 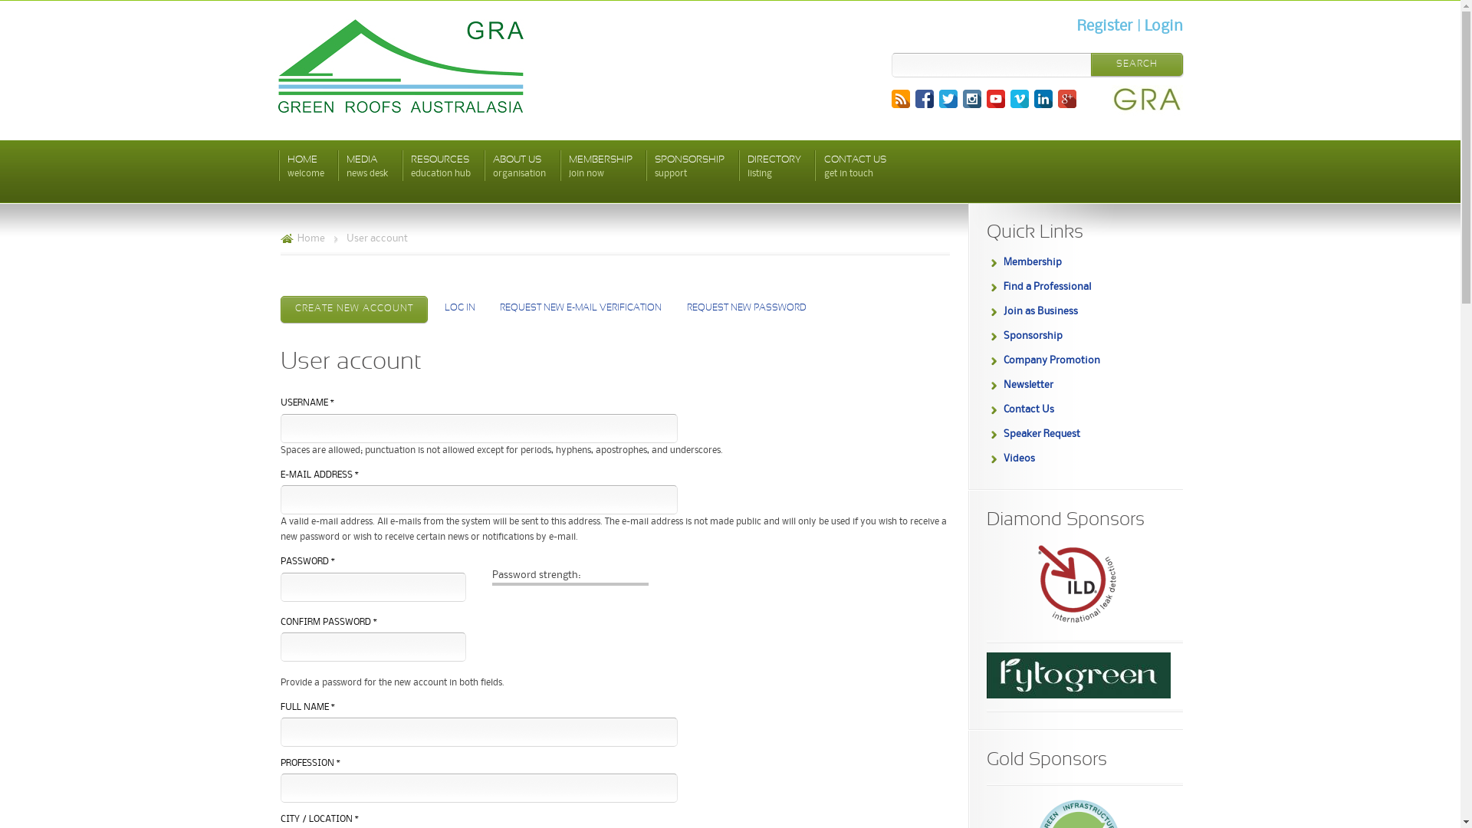 What do you see at coordinates (1050, 360) in the screenshot?
I see `'Company Promotion'` at bounding box center [1050, 360].